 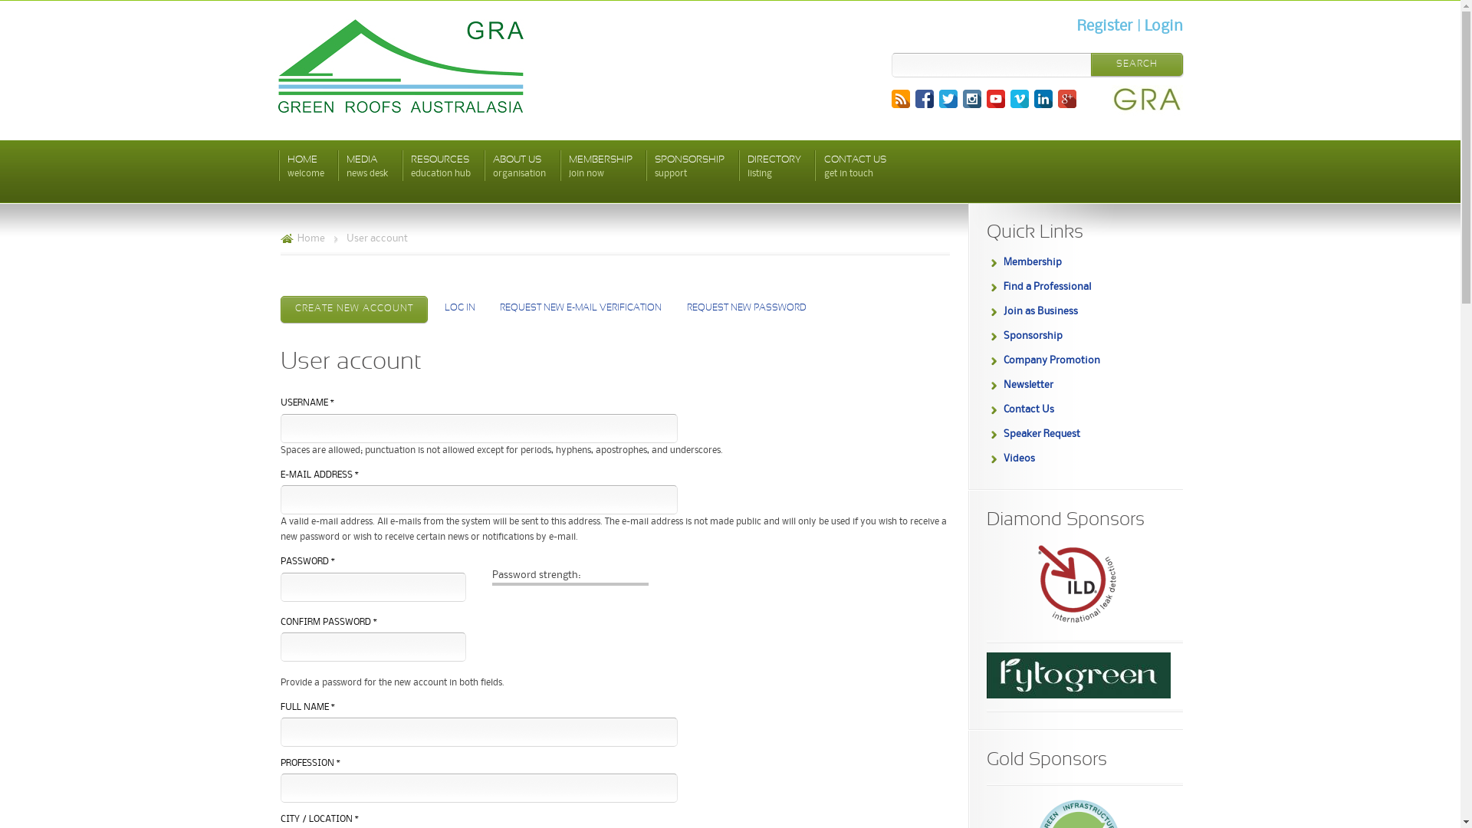 What do you see at coordinates (1050, 360) in the screenshot?
I see `'Company Promotion'` at bounding box center [1050, 360].